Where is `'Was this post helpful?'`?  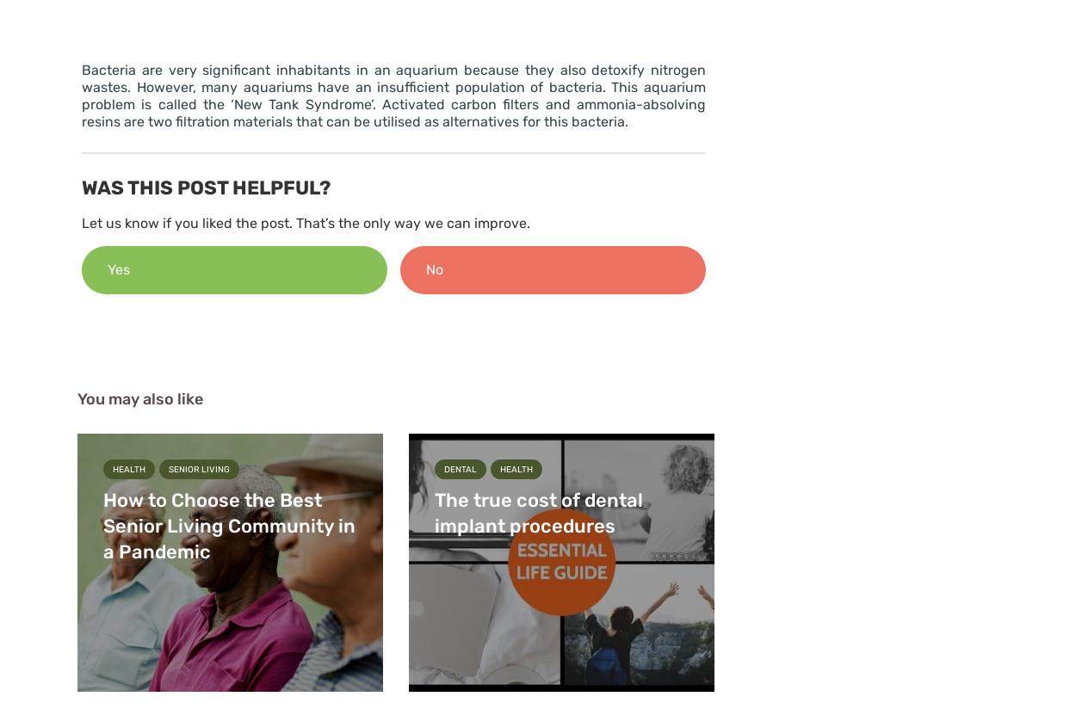
'Was this post helpful?' is located at coordinates (205, 188).